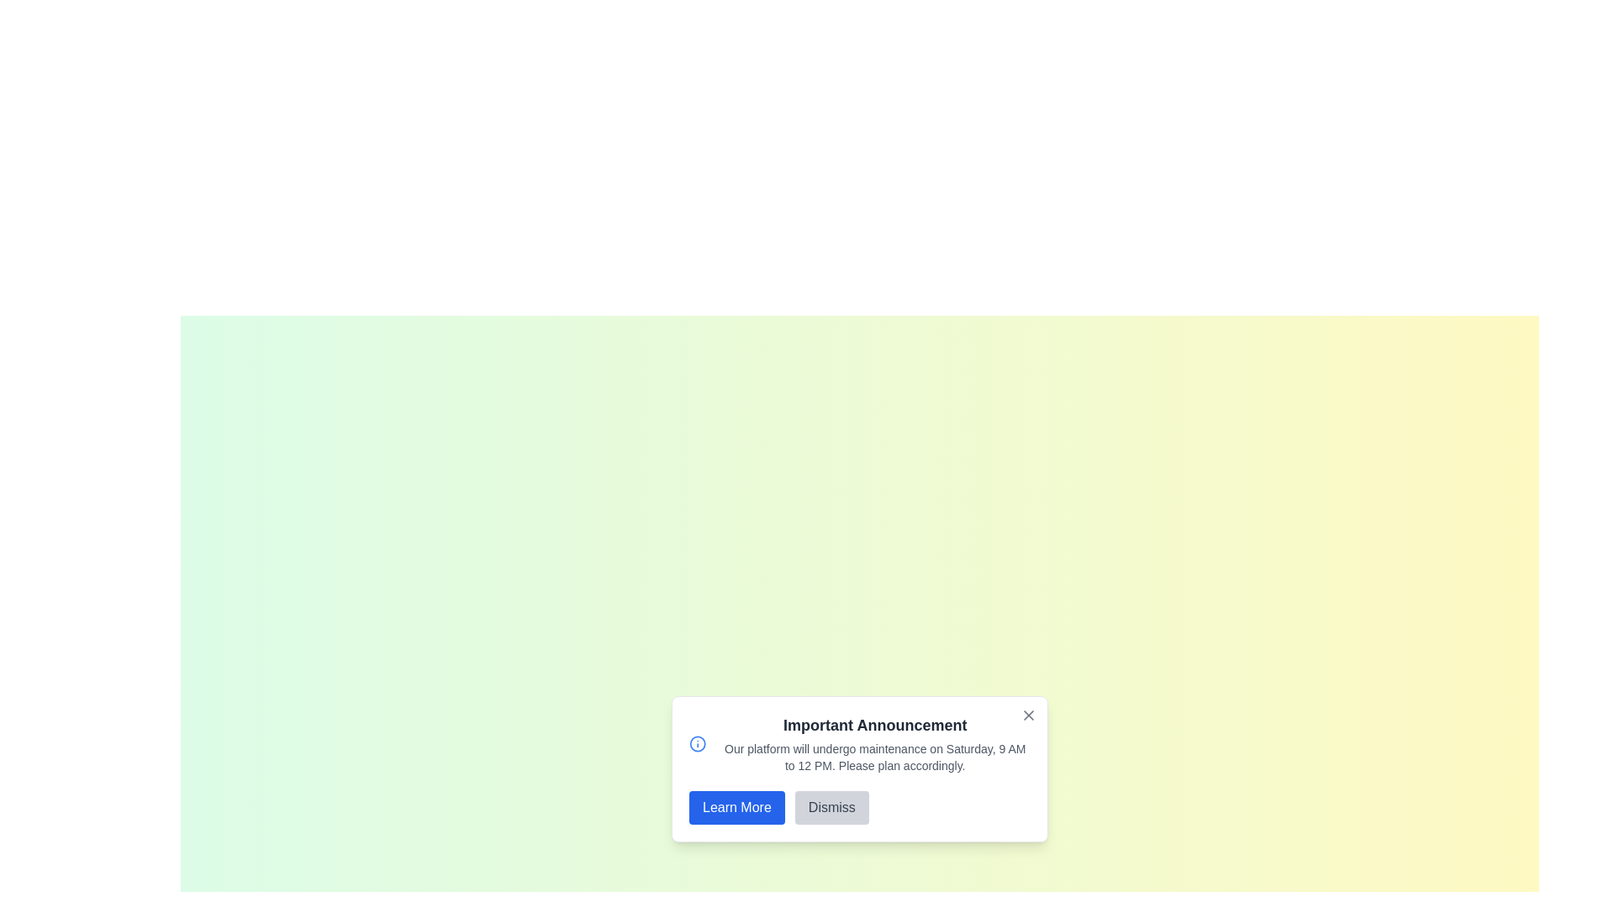  What do you see at coordinates (736, 806) in the screenshot?
I see `the 'Learn More' button to navigate to additional information` at bounding box center [736, 806].